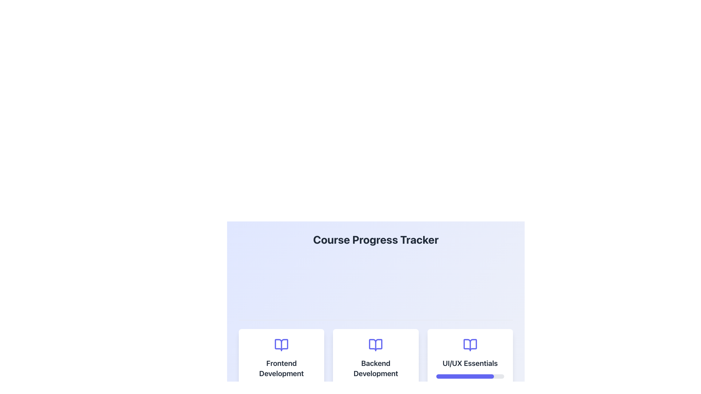  I want to click on the SVG icon representing an open book located in the 'Backend Development' card under the 'Course Progress Tracker' section, so click(376, 345).